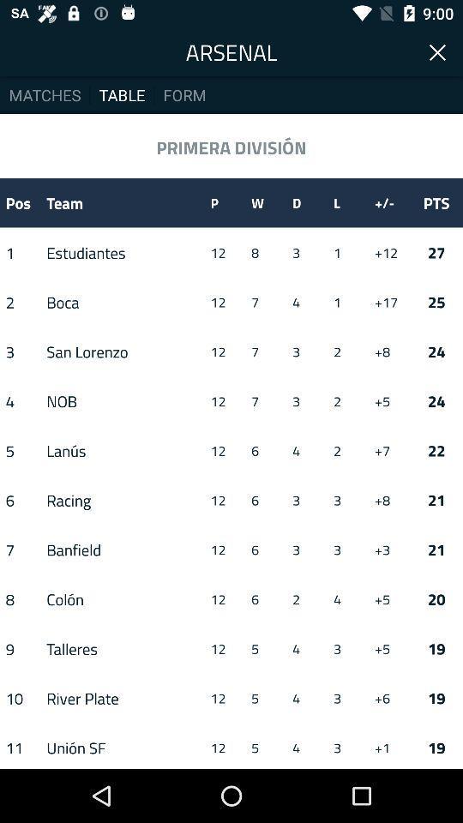 The width and height of the screenshot is (463, 823). I want to click on the icon next to the arsenal icon, so click(438, 51).